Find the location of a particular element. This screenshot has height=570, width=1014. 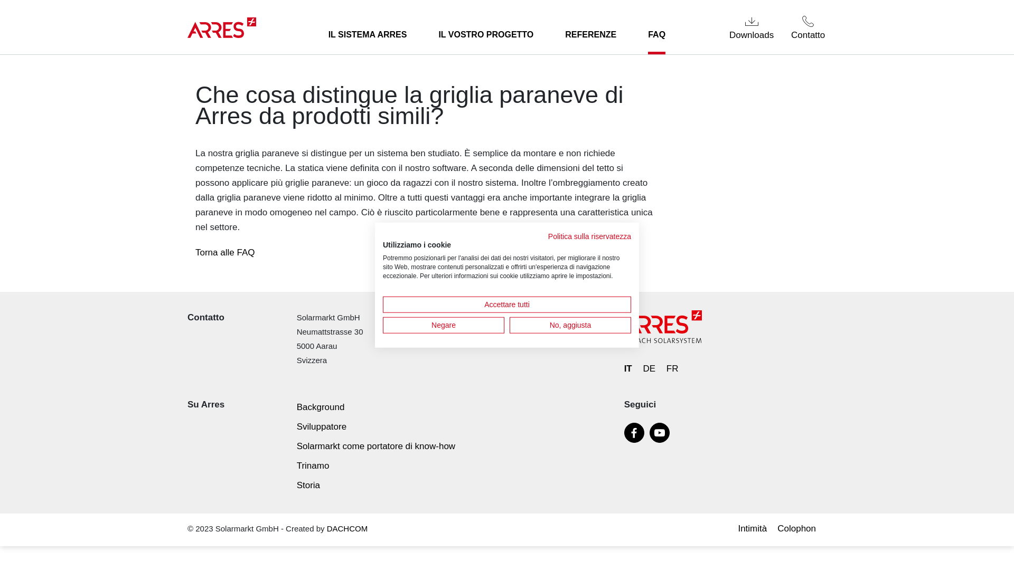

'FR' is located at coordinates (672, 368).